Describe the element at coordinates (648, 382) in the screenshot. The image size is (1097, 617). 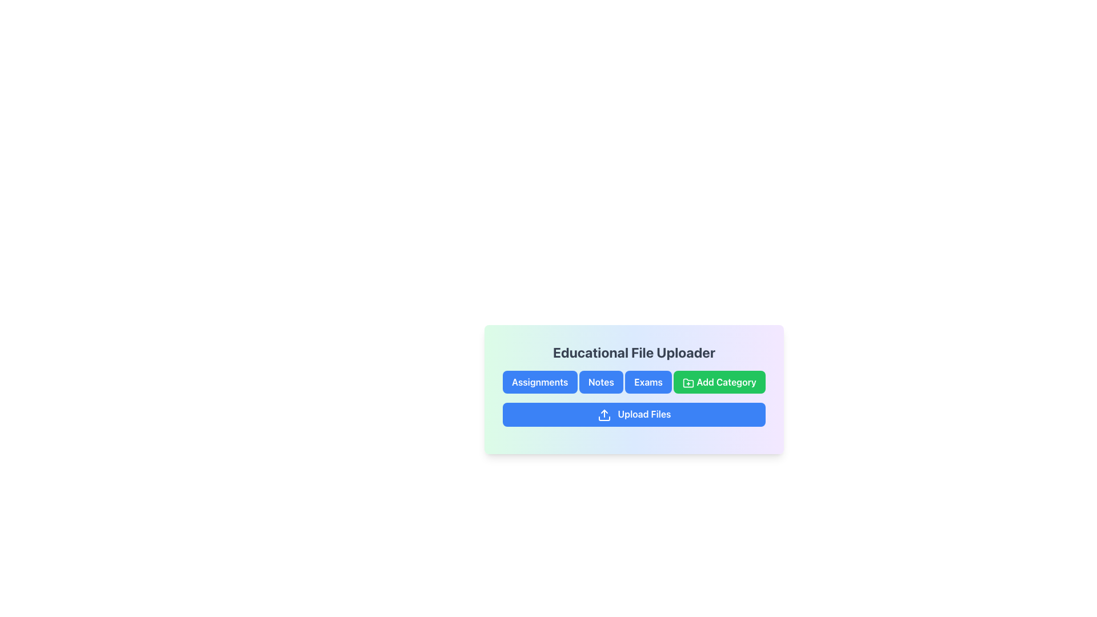
I see `the 'Exams' button with a blue background and white text` at that location.